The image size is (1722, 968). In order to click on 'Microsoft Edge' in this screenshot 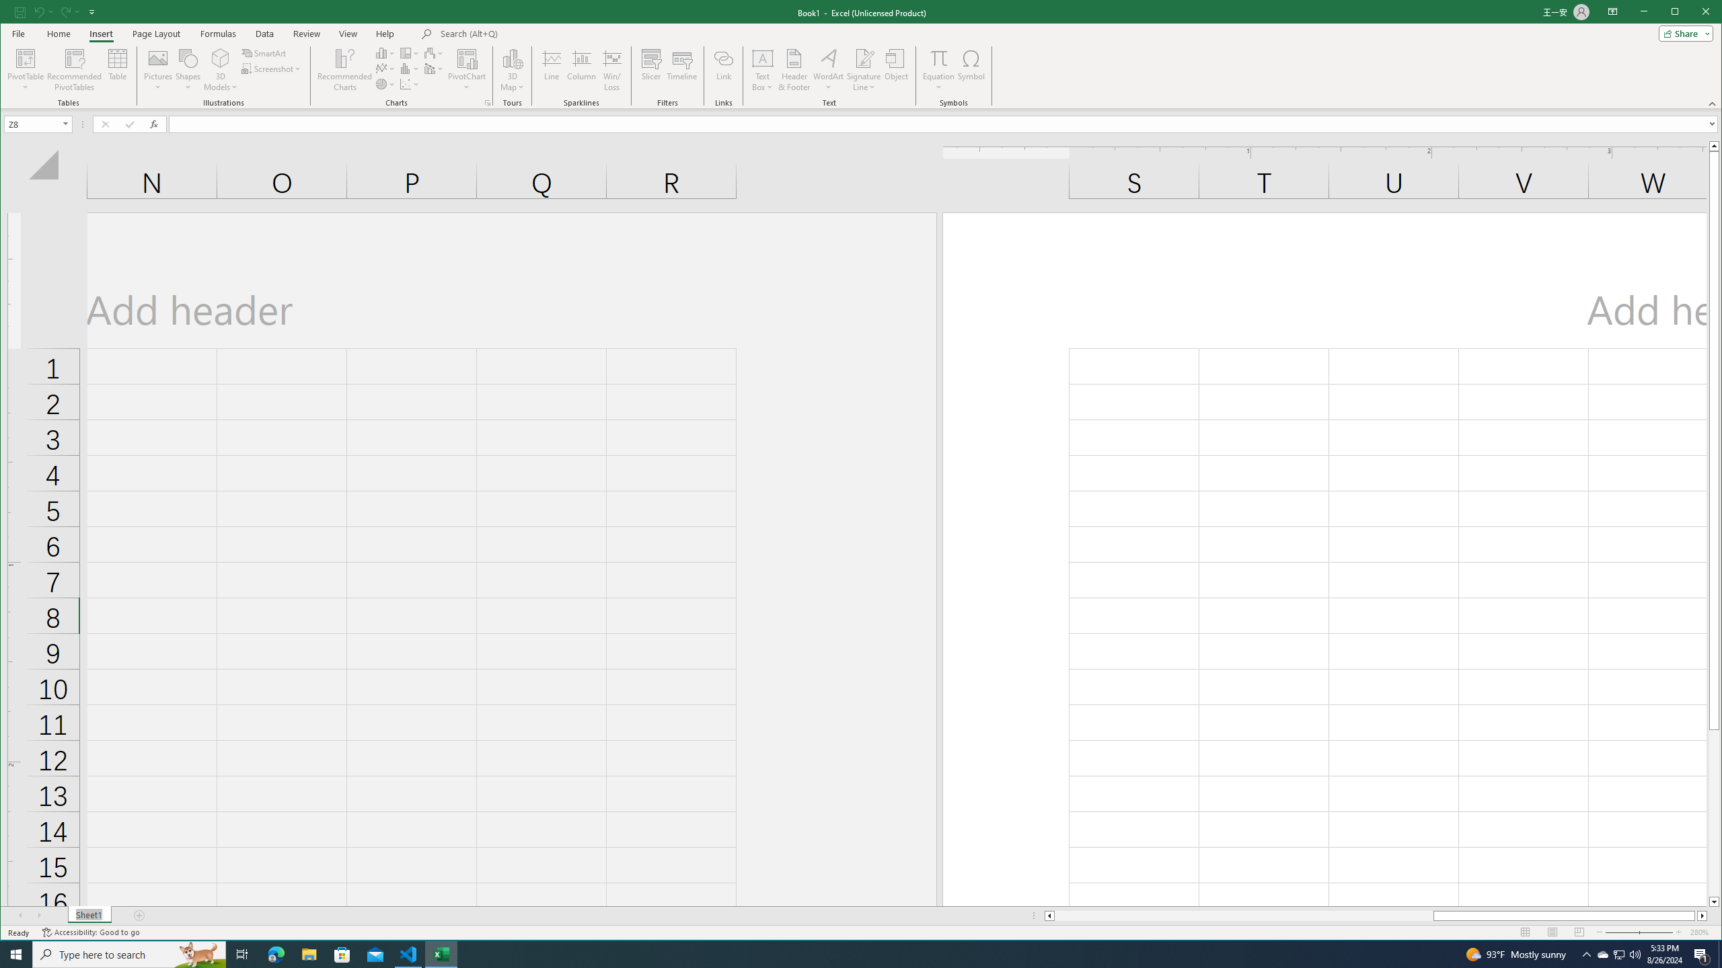, I will do `click(275, 953)`.